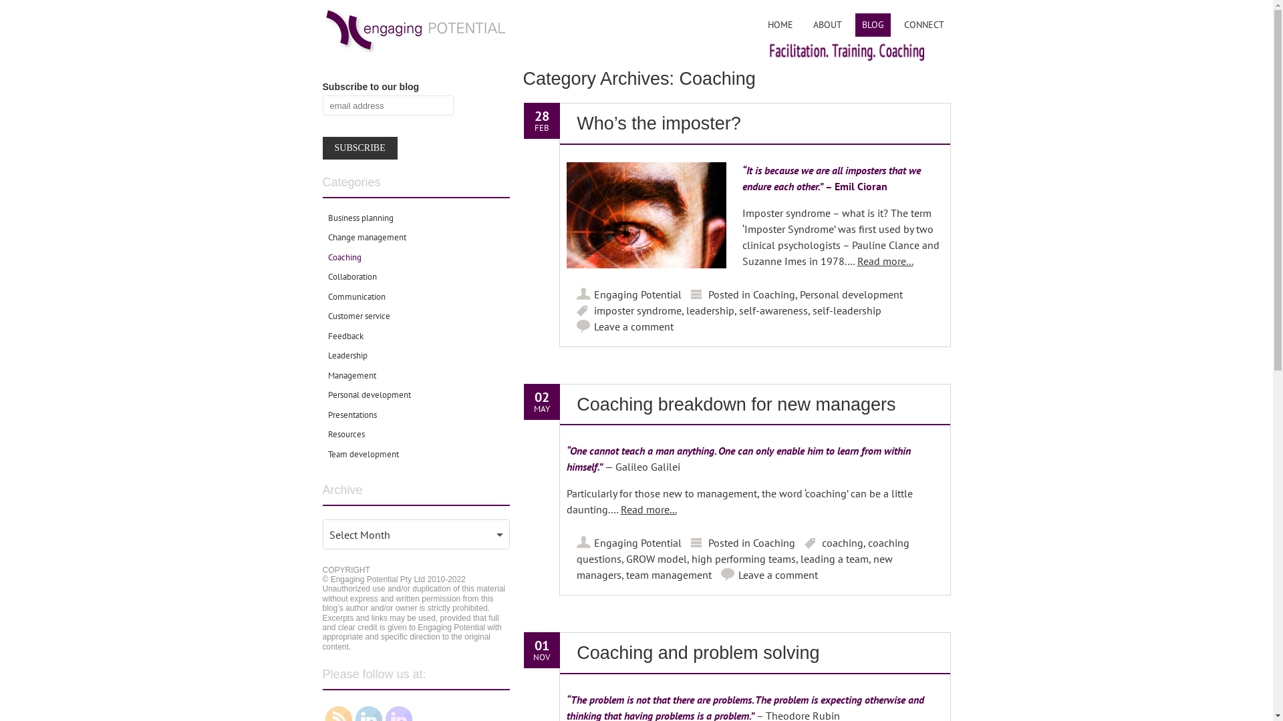 The height and width of the screenshot is (721, 1283). Describe the element at coordinates (351, 414) in the screenshot. I see `'Presentations'` at that location.